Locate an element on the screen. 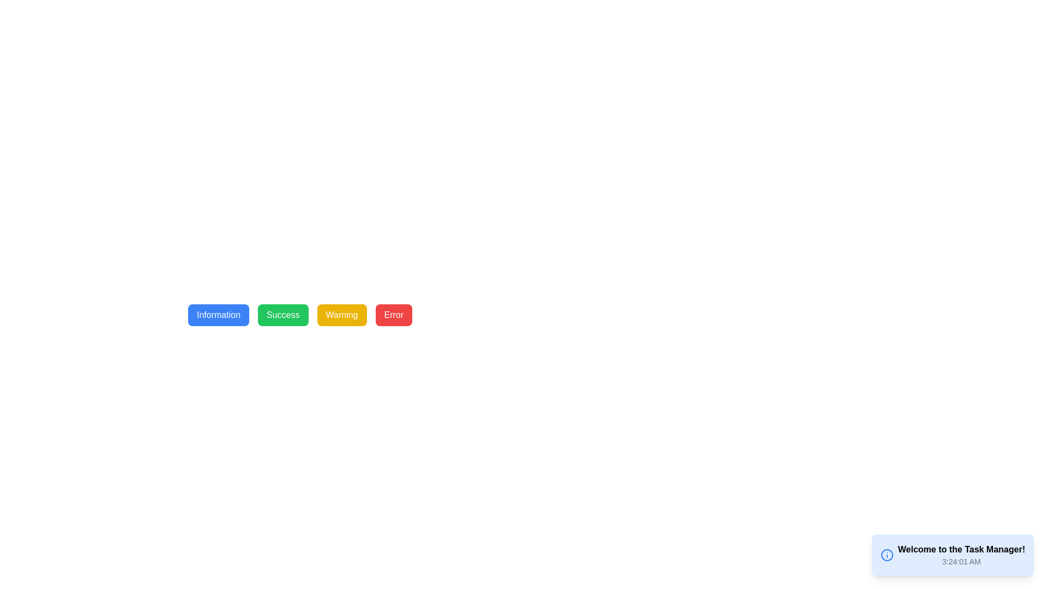 The width and height of the screenshot is (1047, 589). the yellow 'Warning' button, which is the third button in a row of four buttons is located at coordinates (341, 315).